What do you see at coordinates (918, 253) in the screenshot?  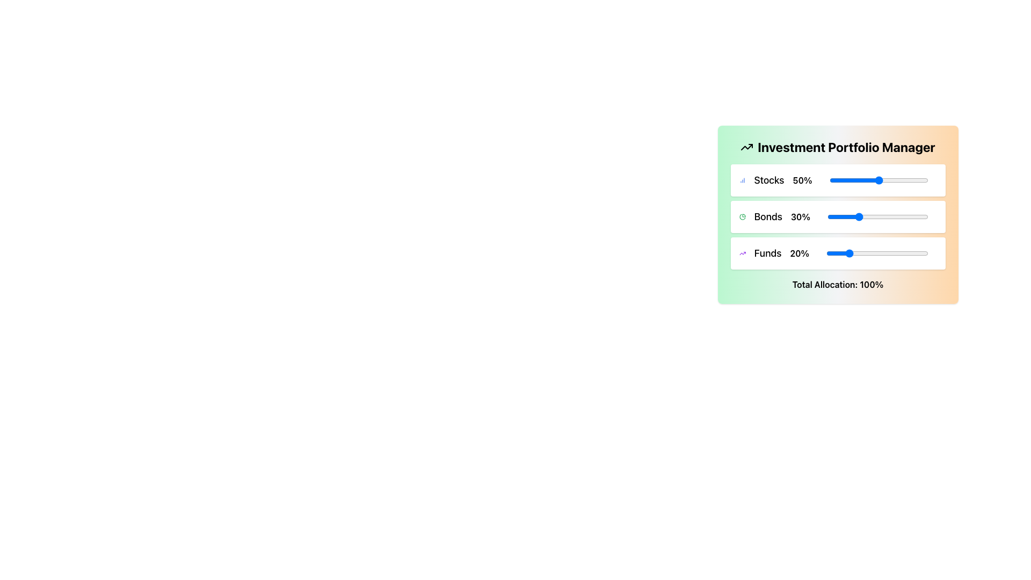 I see `the 'Funds' allocation` at bounding box center [918, 253].